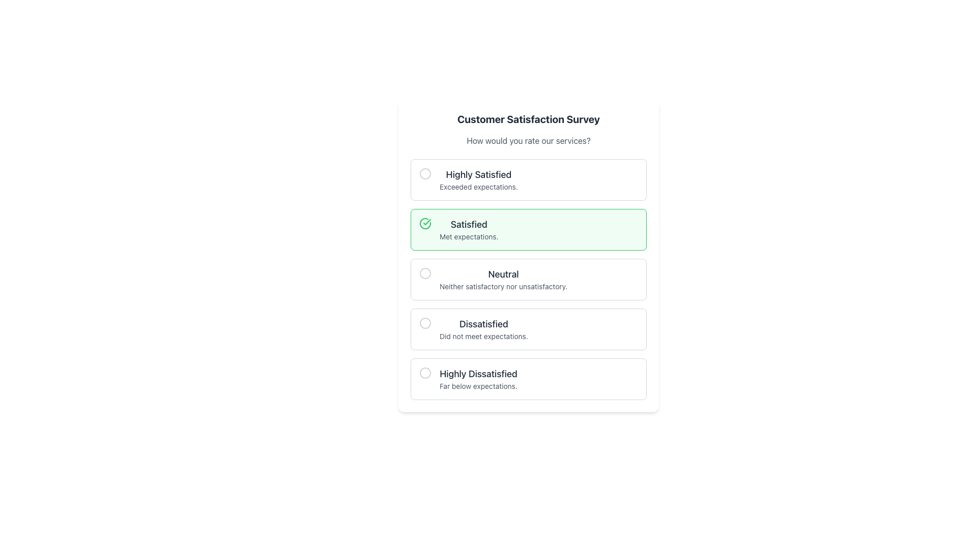  What do you see at coordinates (503, 274) in the screenshot?
I see `the 'Neutral' satisfaction level text label in the survey interface, which is the third item in a vertical list of options` at bounding box center [503, 274].